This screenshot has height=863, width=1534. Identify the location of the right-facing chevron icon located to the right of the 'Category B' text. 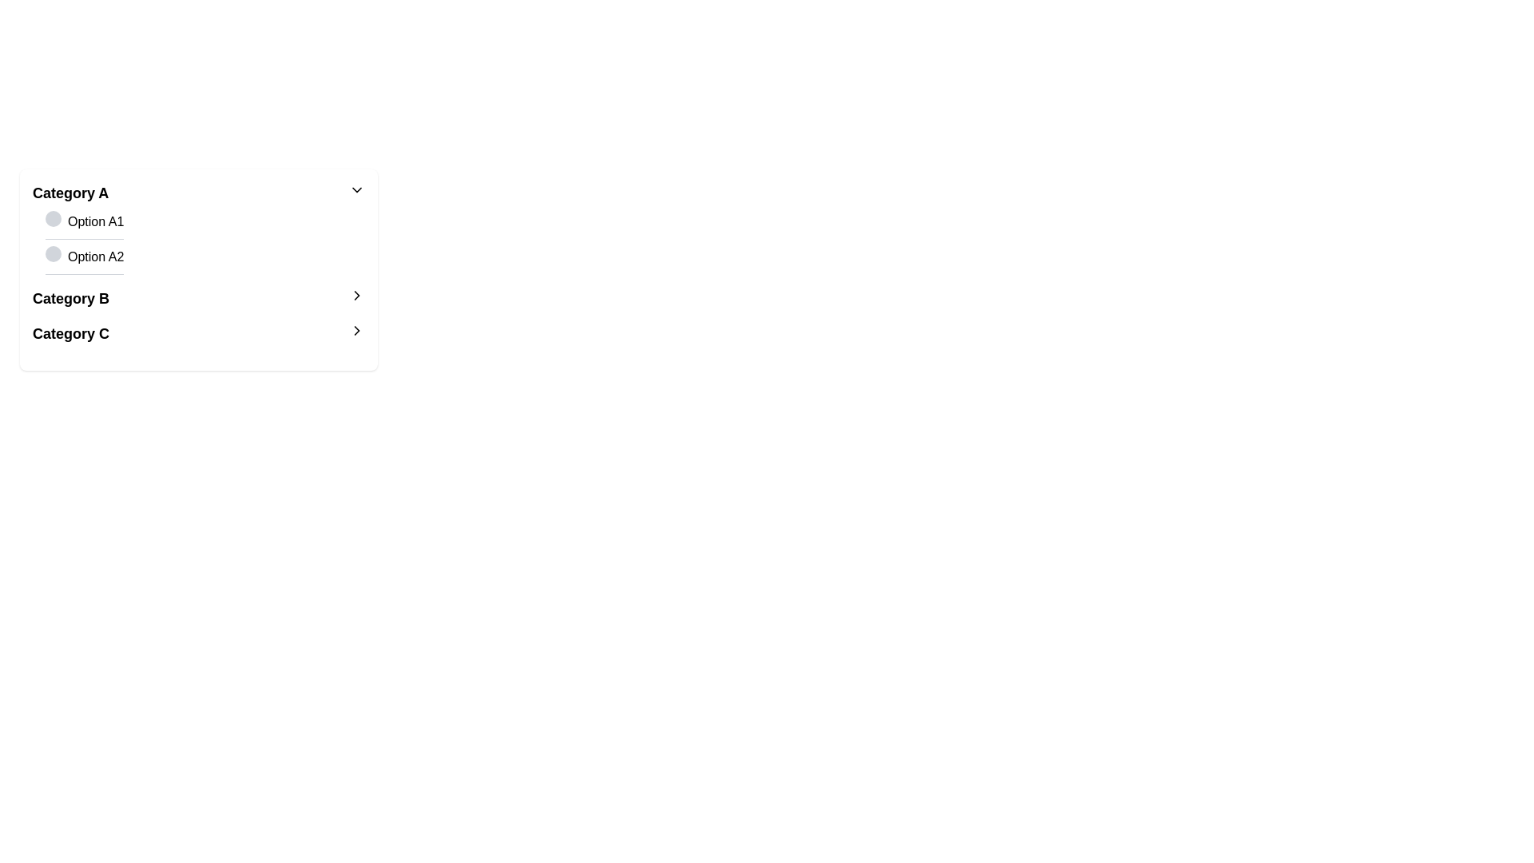
(356, 296).